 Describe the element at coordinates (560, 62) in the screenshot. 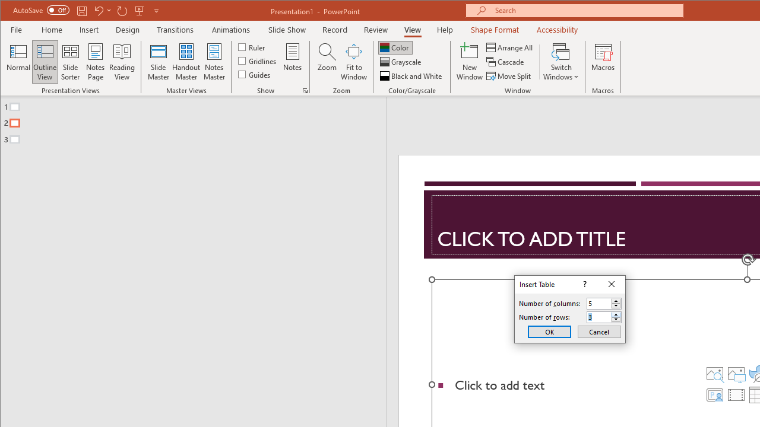

I see `'Switch Windows'` at that location.